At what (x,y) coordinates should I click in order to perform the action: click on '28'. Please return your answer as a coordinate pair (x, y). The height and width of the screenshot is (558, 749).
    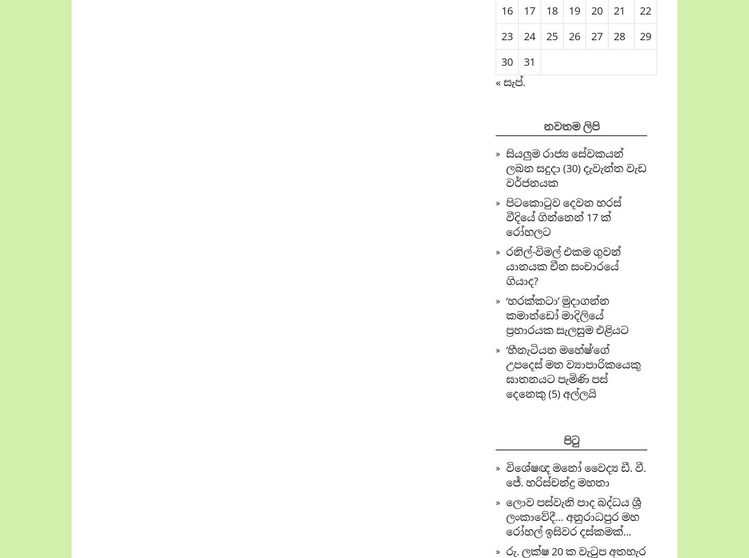
    Looking at the image, I should click on (614, 35).